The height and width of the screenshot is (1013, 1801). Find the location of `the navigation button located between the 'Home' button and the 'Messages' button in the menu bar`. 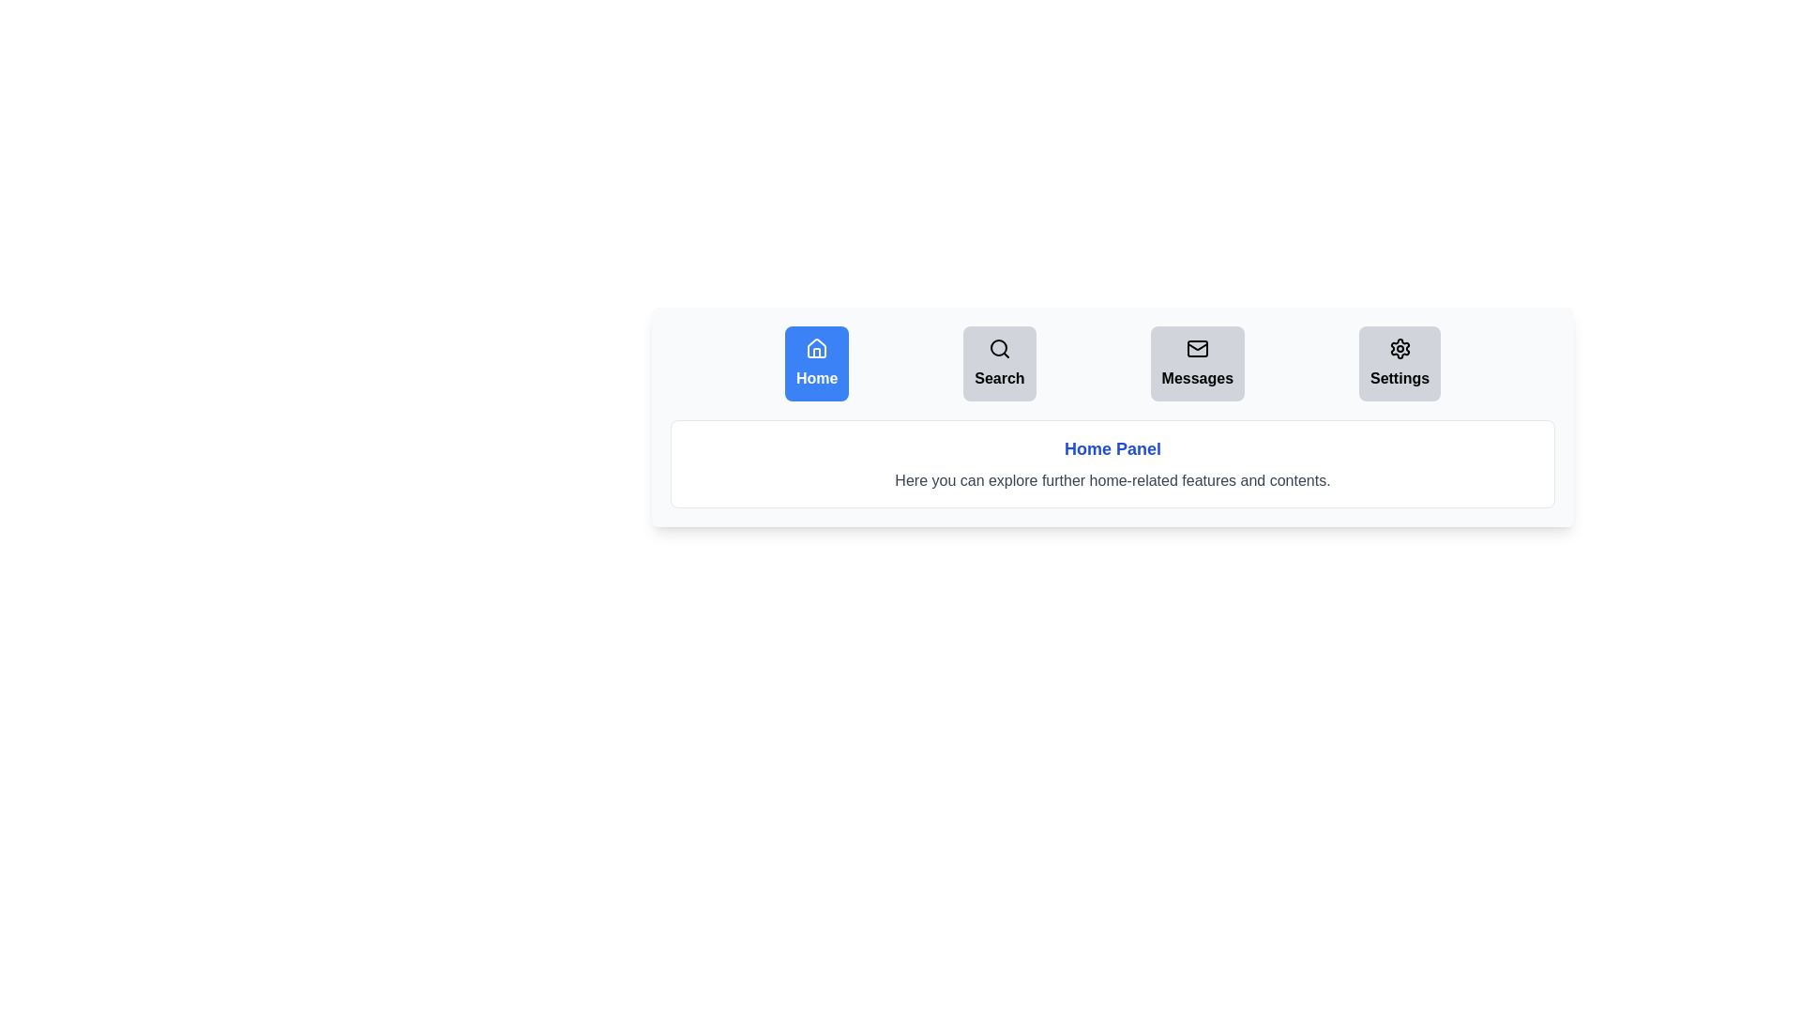

the navigation button located between the 'Home' button and the 'Messages' button in the menu bar is located at coordinates (998, 364).